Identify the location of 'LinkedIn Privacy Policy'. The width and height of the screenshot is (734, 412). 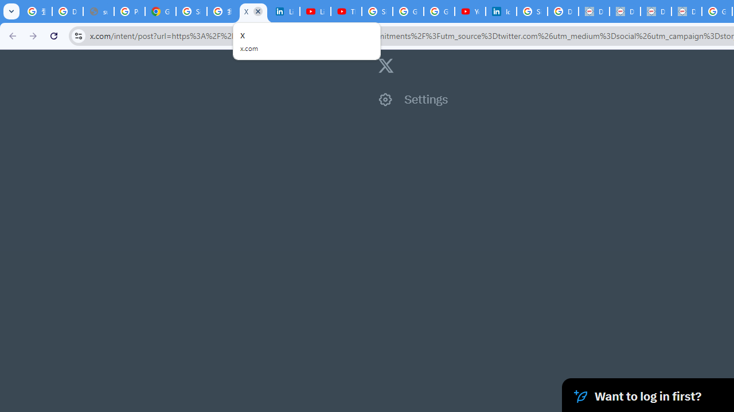
(284, 11).